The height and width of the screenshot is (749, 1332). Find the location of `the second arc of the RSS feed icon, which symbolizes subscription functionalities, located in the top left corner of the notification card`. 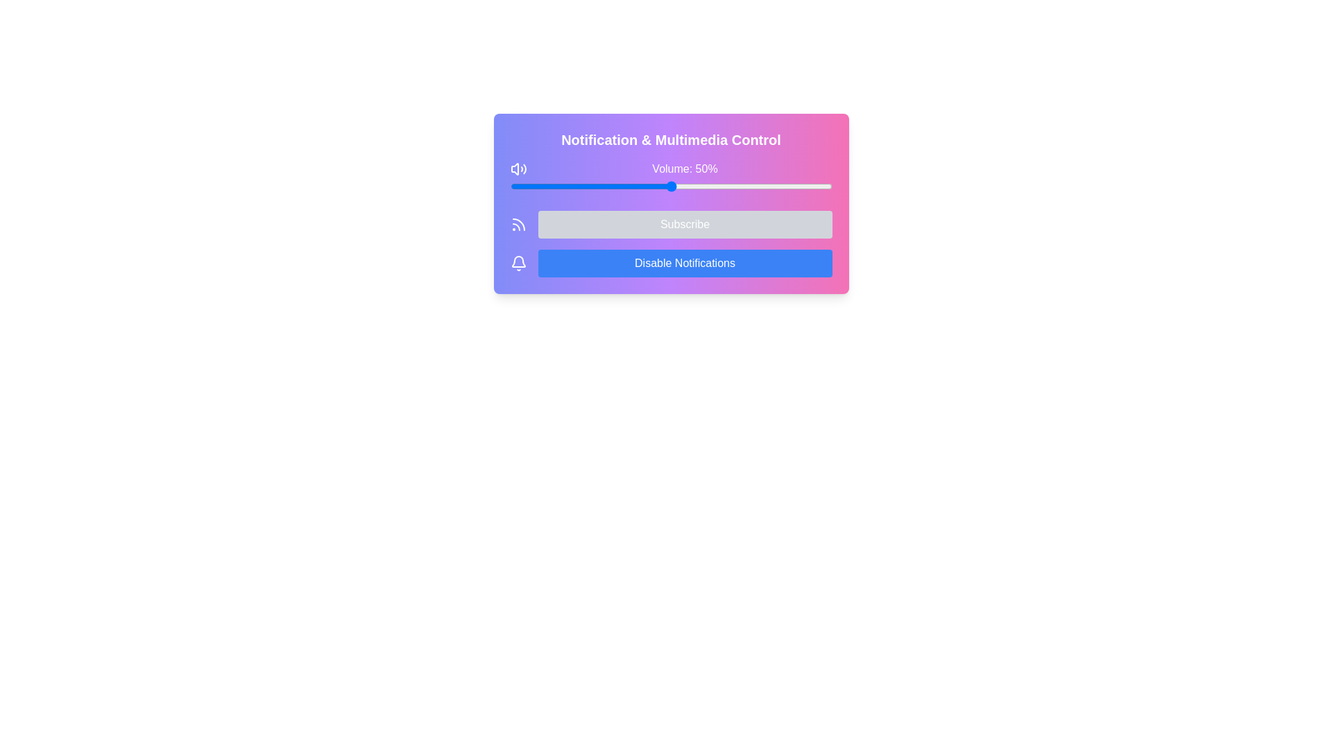

the second arc of the RSS feed icon, which symbolizes subscription functionalities, located in the top left corner of the notification card is located at coordinates (518, 224).